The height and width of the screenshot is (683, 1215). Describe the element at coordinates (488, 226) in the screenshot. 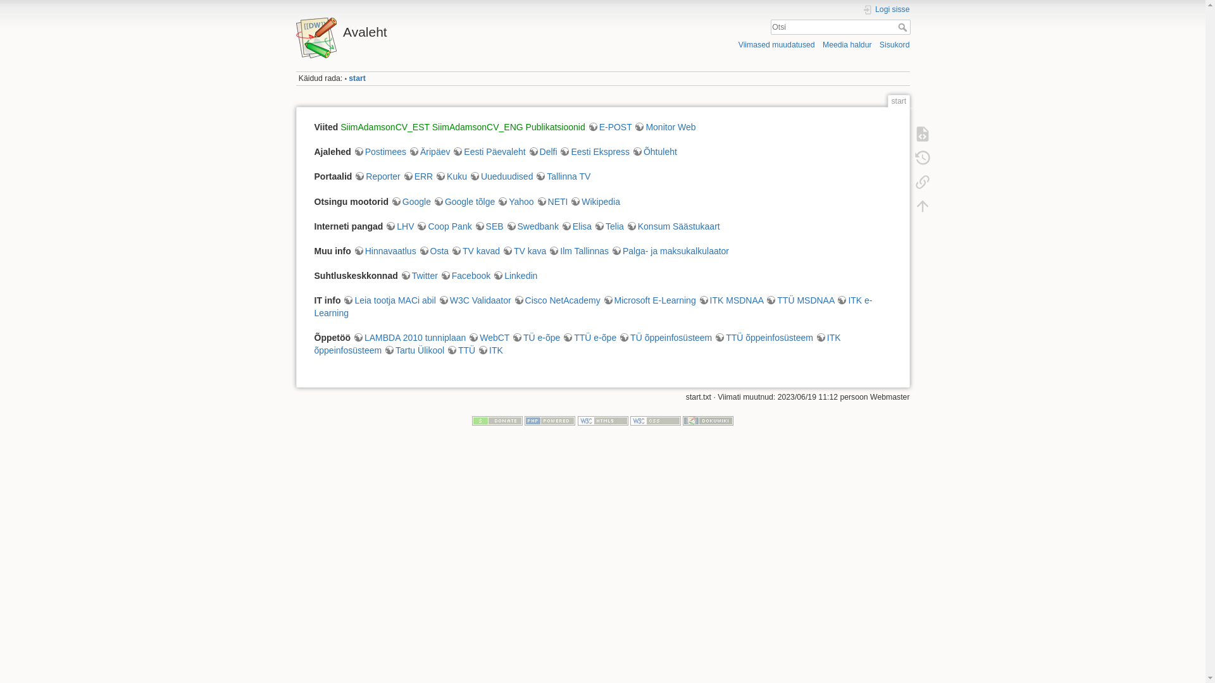

I see `'SEB'` at that location.